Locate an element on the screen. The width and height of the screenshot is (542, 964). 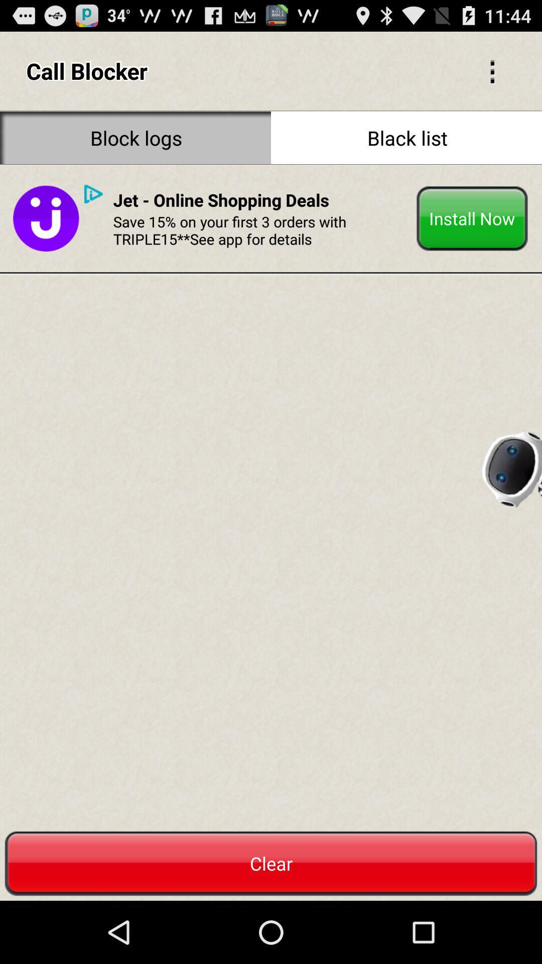
the item below the jet online shopping is located at coordinates (260, 229).